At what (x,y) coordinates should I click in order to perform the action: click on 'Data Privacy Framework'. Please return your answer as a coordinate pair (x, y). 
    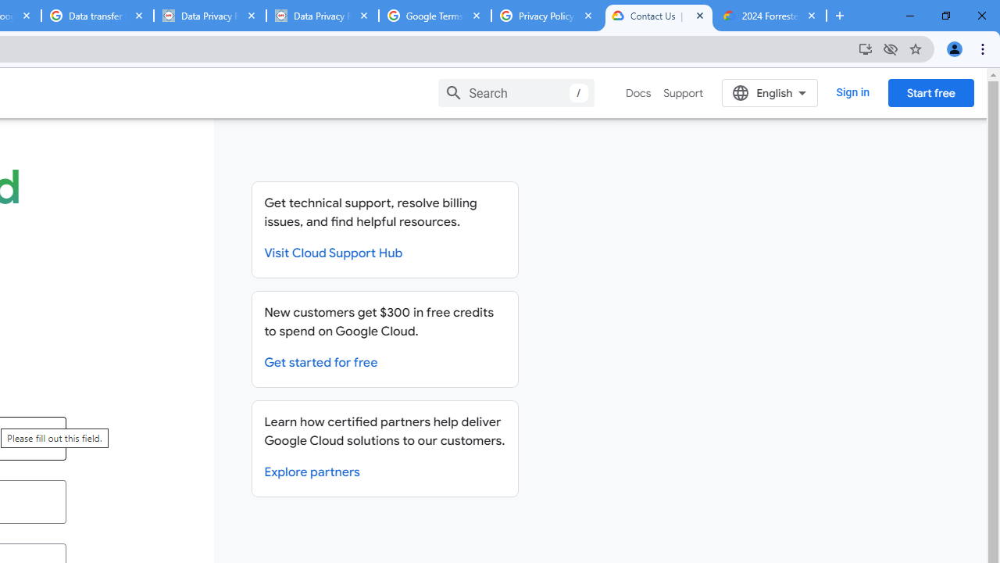
    Looking at the image, I should click on (321, 16).